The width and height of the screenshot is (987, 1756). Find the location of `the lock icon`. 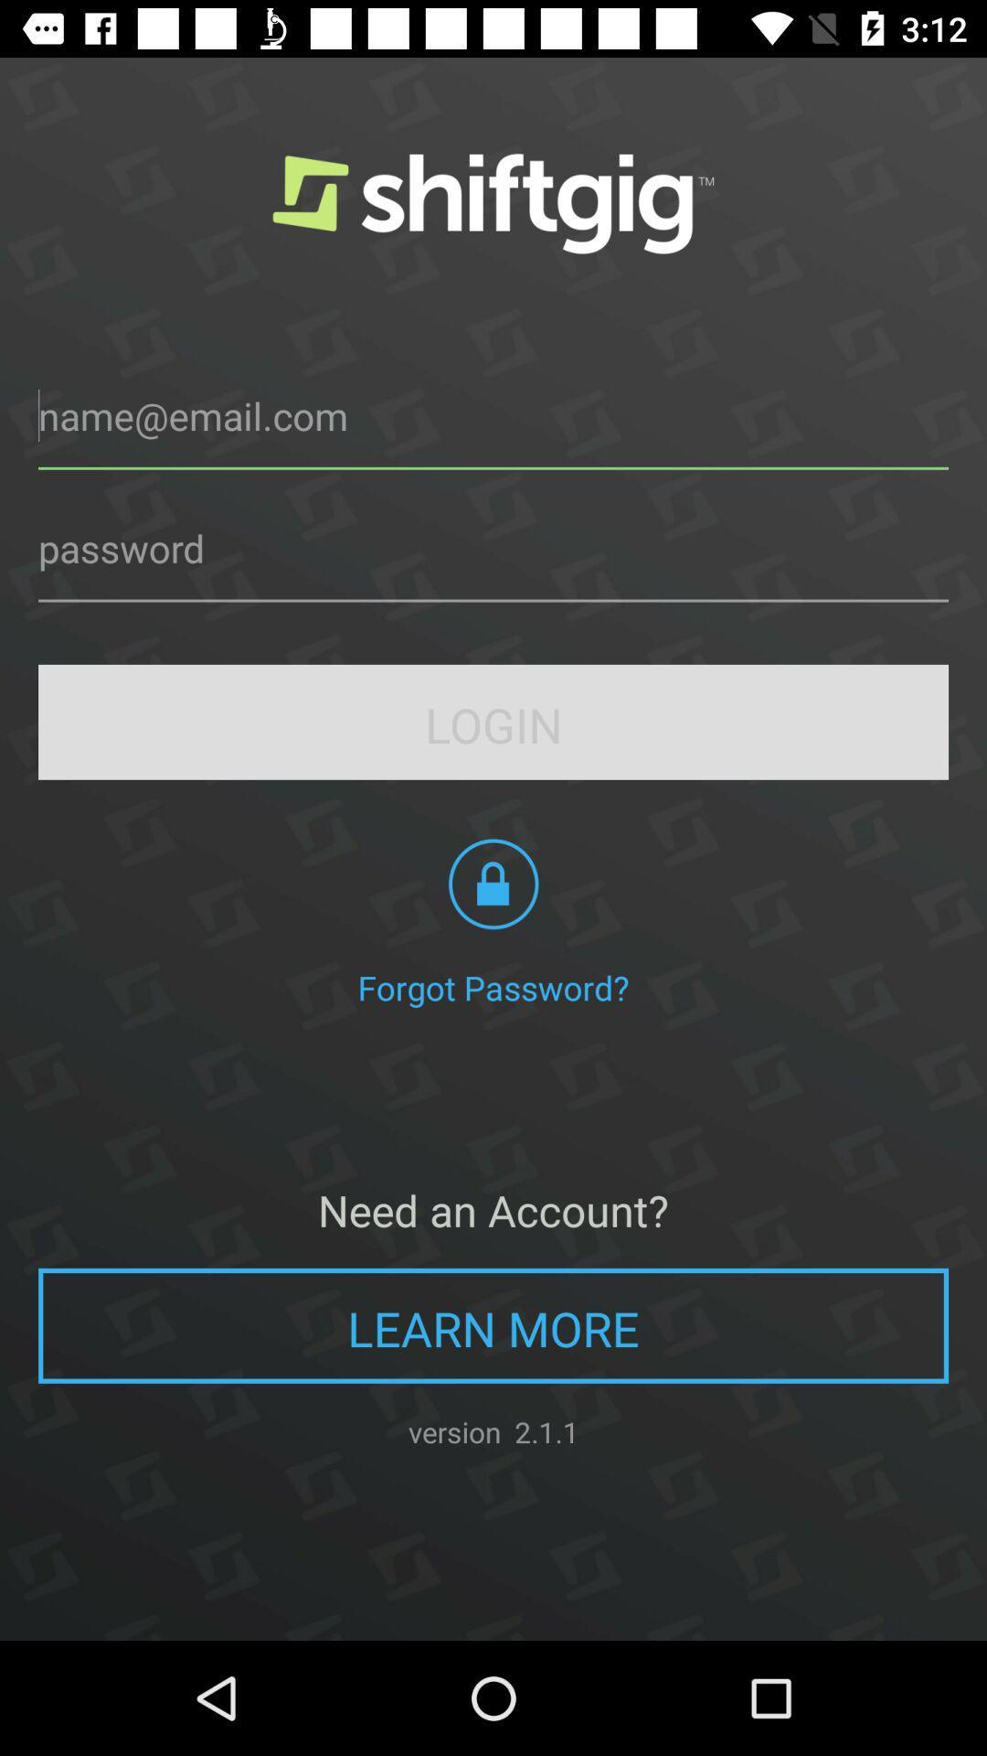

the lock icon is located at coordinates (492, 884).